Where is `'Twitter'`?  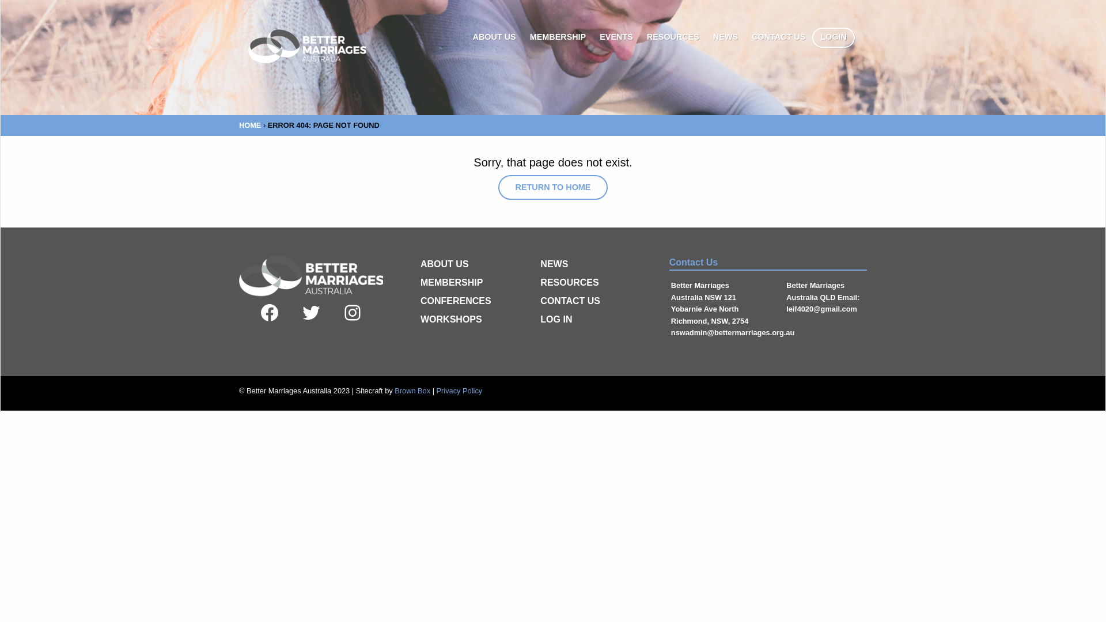
'Twitter' is located at coordinates (296, 313).